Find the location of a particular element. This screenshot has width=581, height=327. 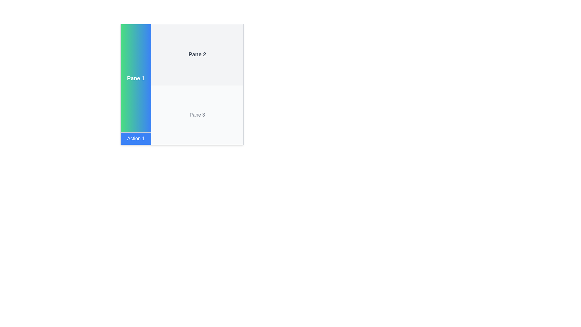

the 'Action 1' button located at the bottom of 'Pane 1' with a blue background and white text is located at coordinates (136, 138).